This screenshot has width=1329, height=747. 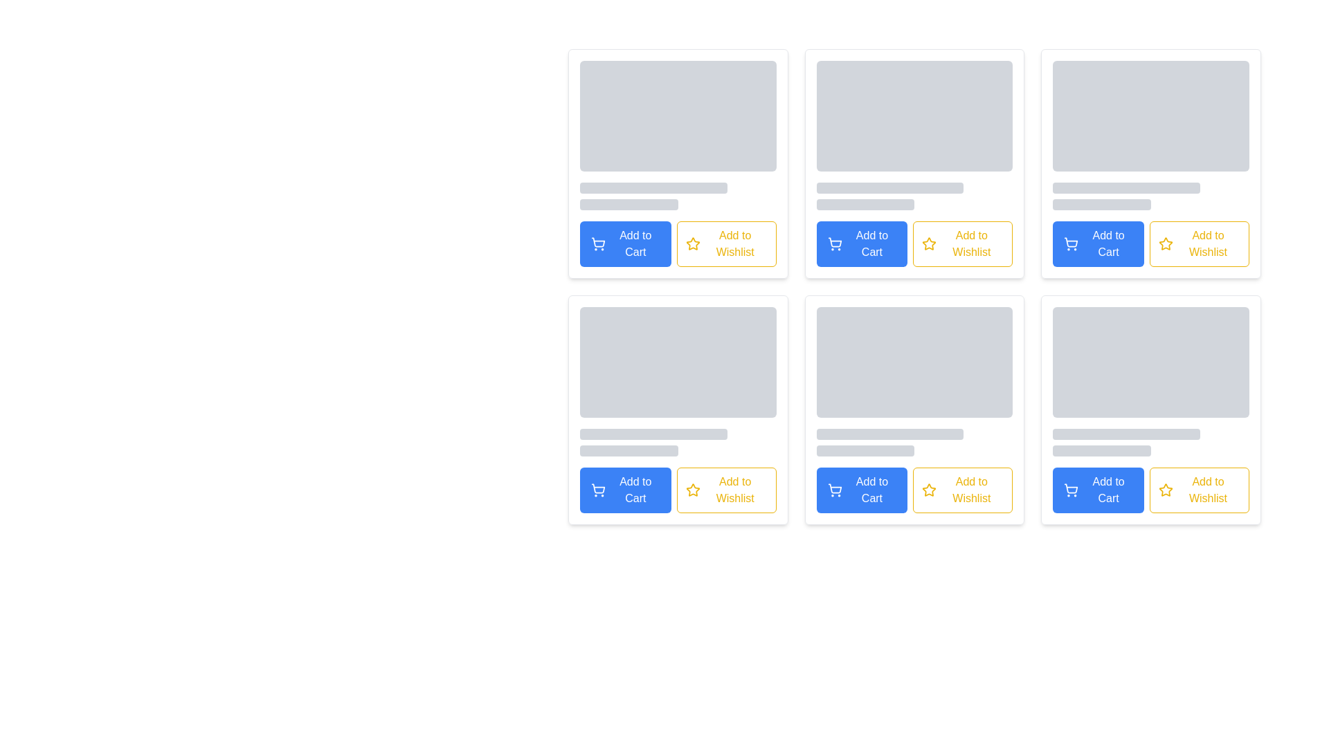 I want to click on the shopping cart icon located within the 'Add to Cart' button on the second product card of the first row to initiate the add to cart action, so click(x=1070, y=243).